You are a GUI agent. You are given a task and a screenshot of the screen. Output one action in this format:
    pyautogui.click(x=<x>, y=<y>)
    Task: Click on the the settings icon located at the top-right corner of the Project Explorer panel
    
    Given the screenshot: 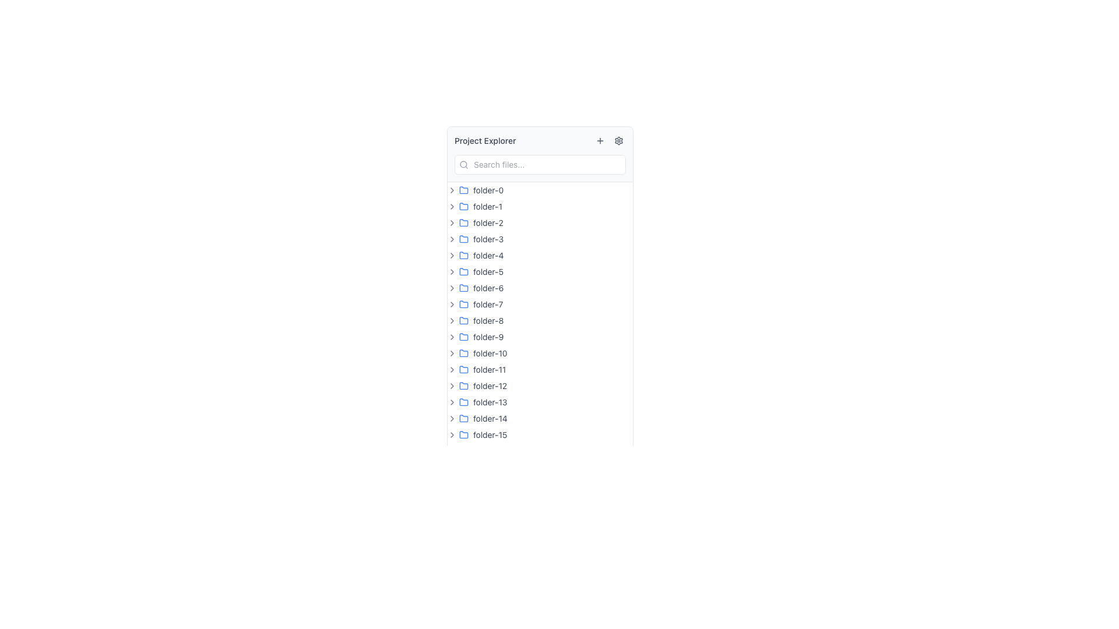 What is the action you would take?
    pyautogui.click(x=618, y=140)
    